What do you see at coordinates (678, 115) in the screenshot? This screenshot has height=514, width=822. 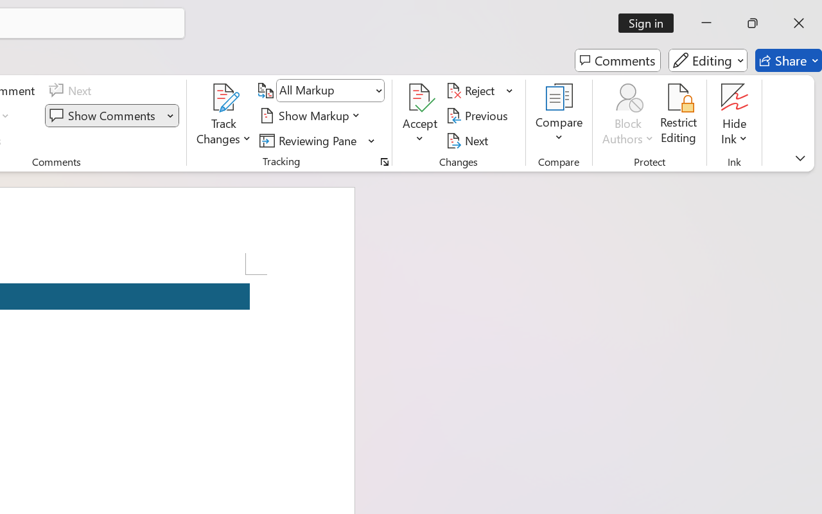 I see `'Restrict Editing'` at bounding box center [678, 115].